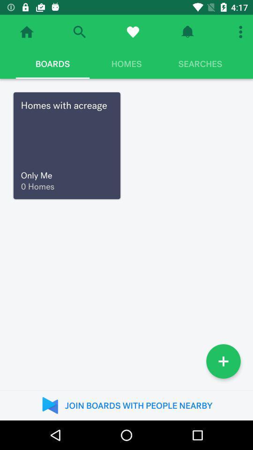 The width and height of the screenshot is (253, 450). Describe the element at coordinates (79, 32) in the screenshot. I see `search` at that location.